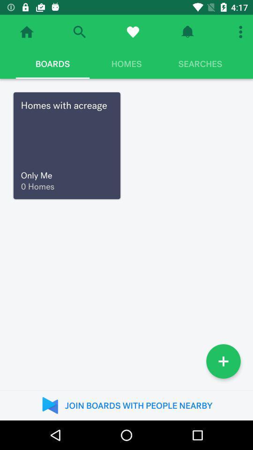 The width and height of the screenshot is (253, 450). Describe the element at coordinates (79, 32) in the screenshot. I see `search` at that location.